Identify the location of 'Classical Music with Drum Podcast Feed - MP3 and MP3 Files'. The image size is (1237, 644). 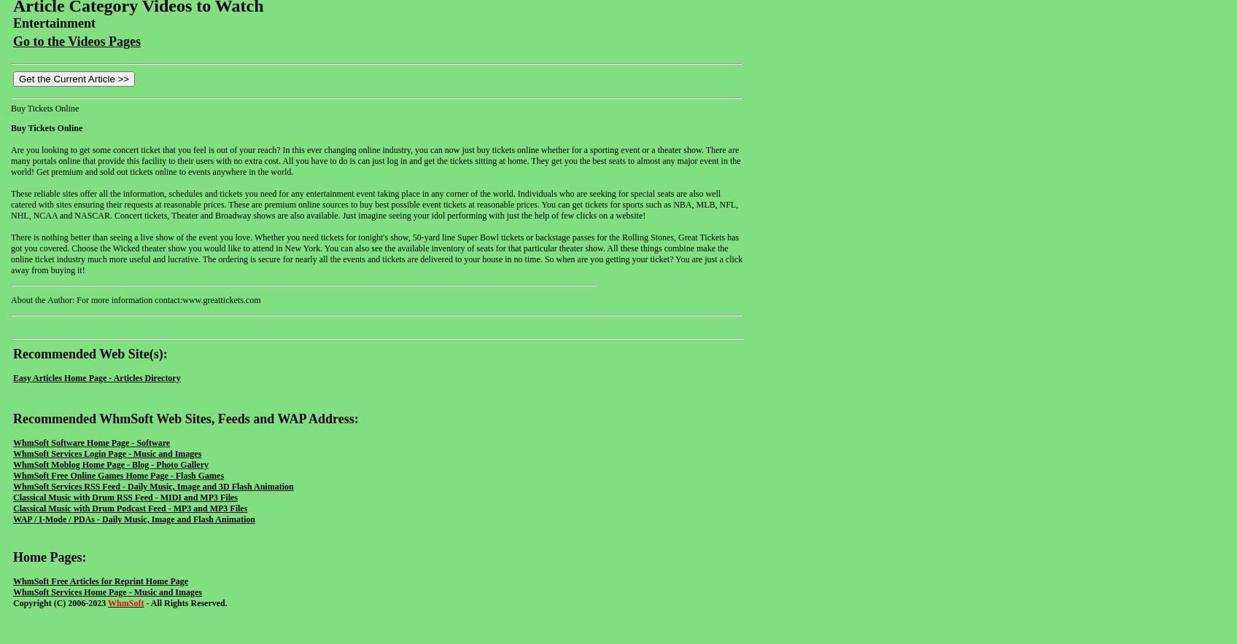
(12, 508).